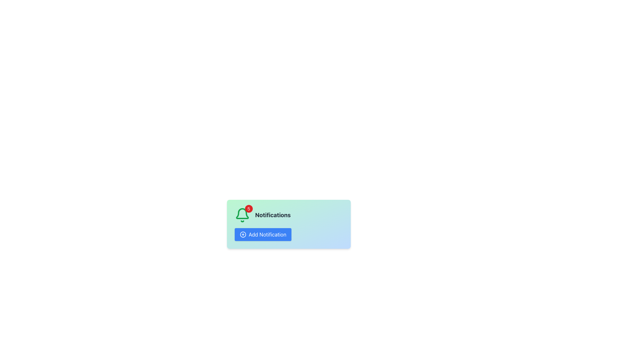 Image resolution: width=619 pixels, height=348 pixels. I want to click on on the green bell icon with a red badge containing the number '5', so click(242, 215).